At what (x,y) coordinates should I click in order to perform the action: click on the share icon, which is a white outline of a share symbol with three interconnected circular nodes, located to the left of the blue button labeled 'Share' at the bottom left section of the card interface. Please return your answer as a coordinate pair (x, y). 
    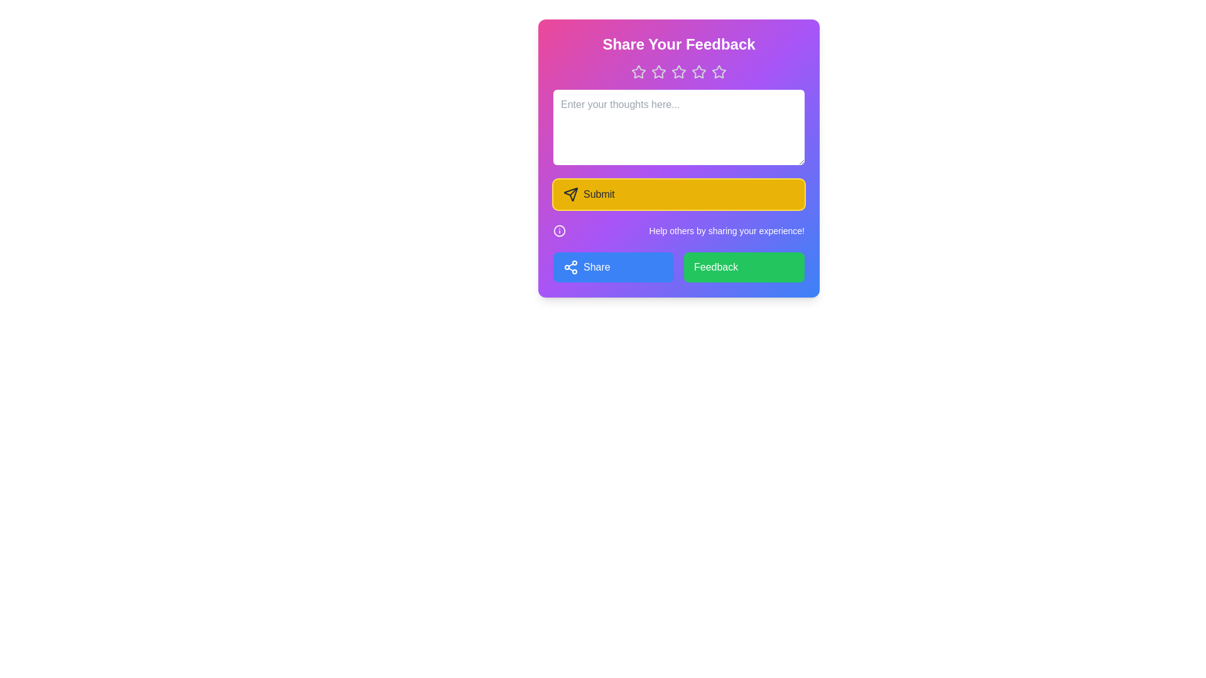
    Looking at the image, I should click on (570, 266).